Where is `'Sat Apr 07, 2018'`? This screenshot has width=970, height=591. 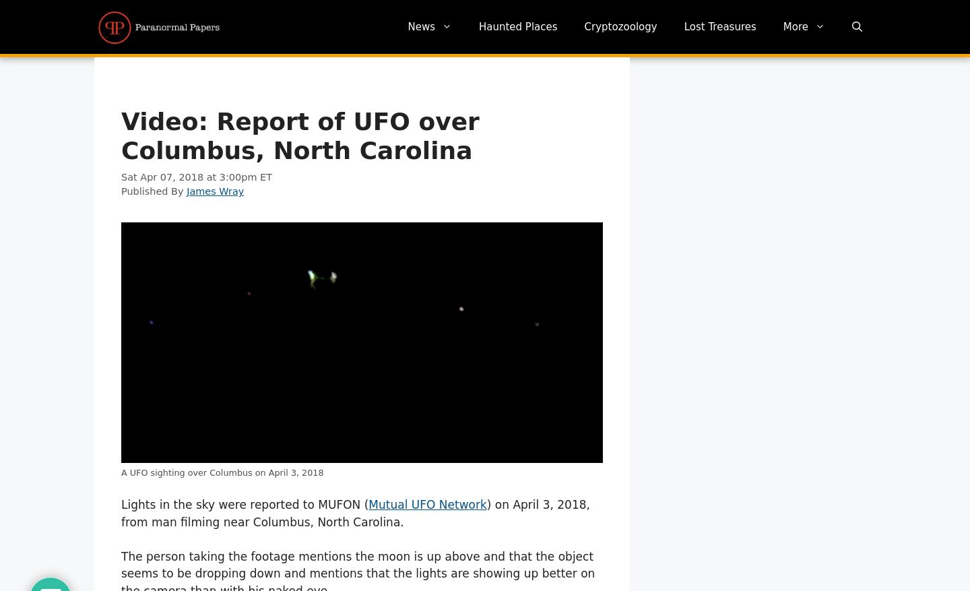 'Sat Apr 07, 2018' is located at coordinates (163, 176).